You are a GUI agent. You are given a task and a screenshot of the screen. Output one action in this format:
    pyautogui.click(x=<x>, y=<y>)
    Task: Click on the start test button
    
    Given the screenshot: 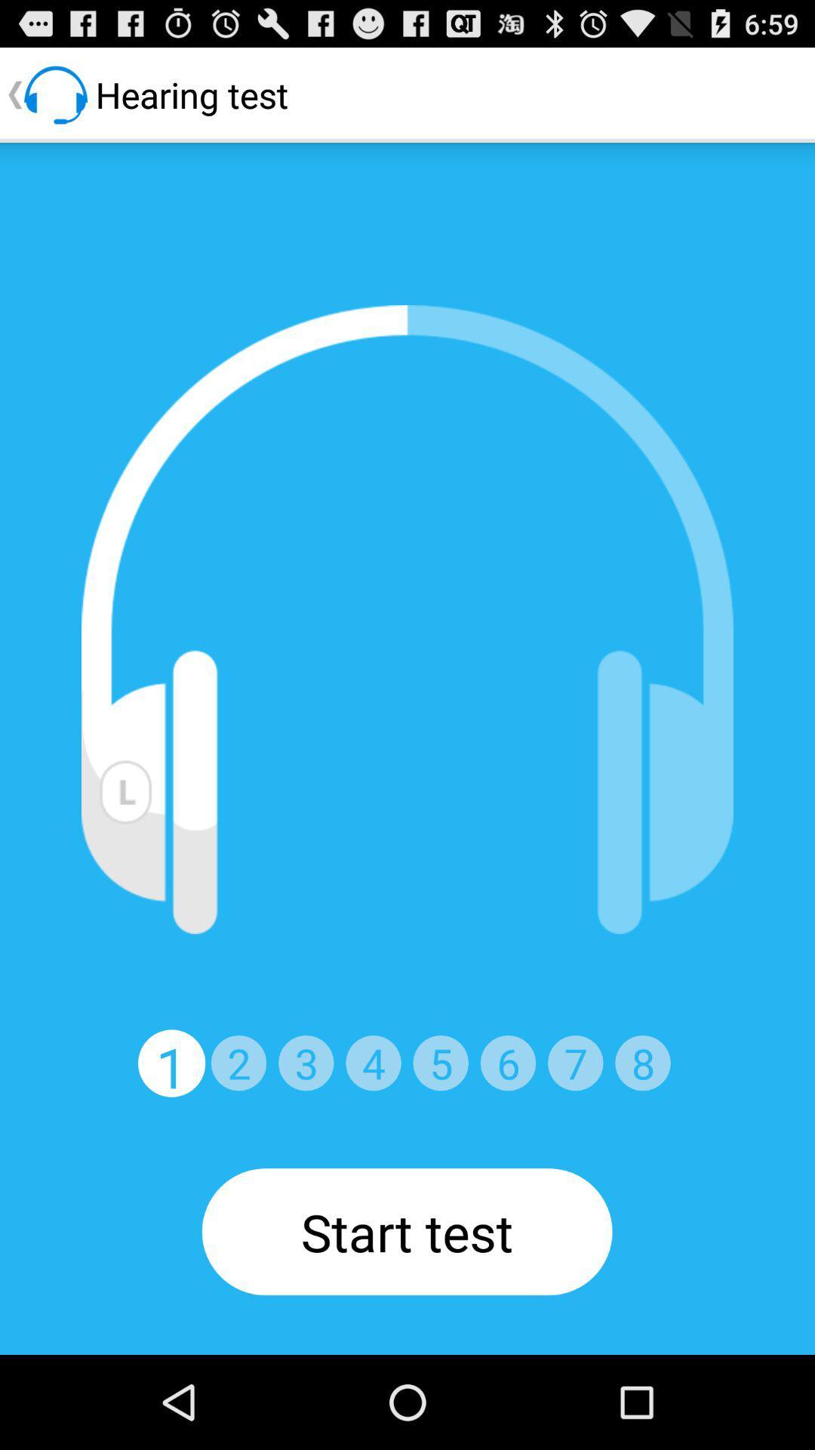 What is the action you would take?
    pyautogui.click(x=406, y=1232)
    